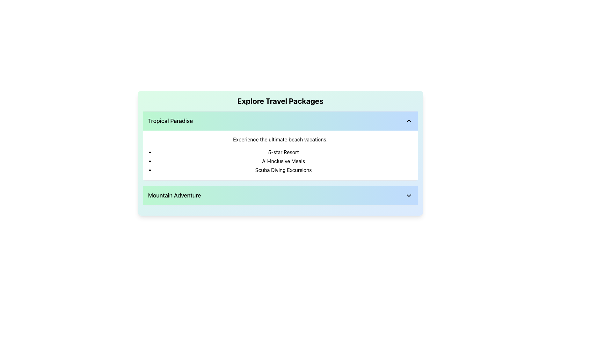 The image size is (612, 344). I want to click on the text label displaying 'Tropical Paradise' located at the top-left corner of the horizontal bar, so click(170, 121).